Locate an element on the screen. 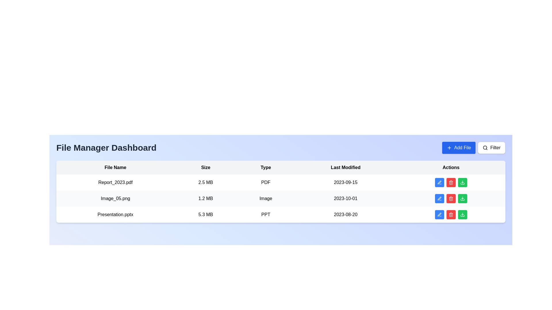 This screenshot has width=552, height=310. the 'Type' column header is located at coordinates (265, 167).